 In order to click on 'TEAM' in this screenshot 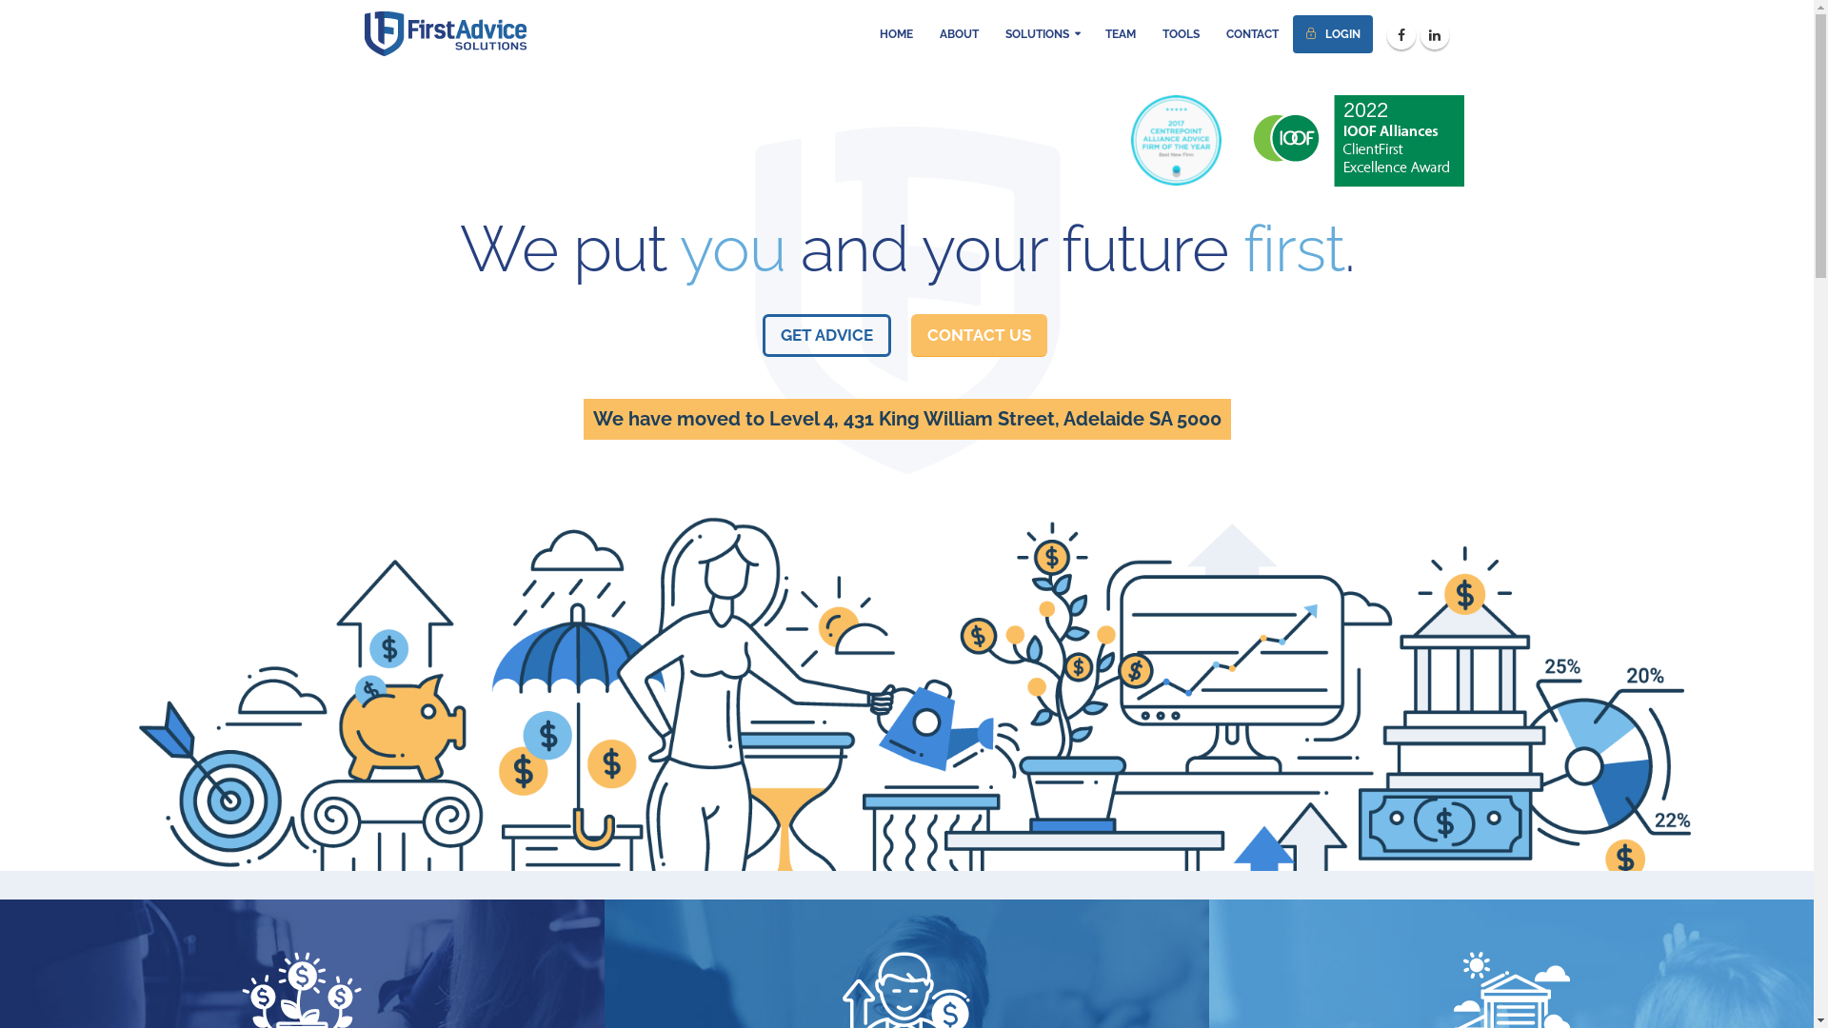, I will do `click(1120, 33)`.